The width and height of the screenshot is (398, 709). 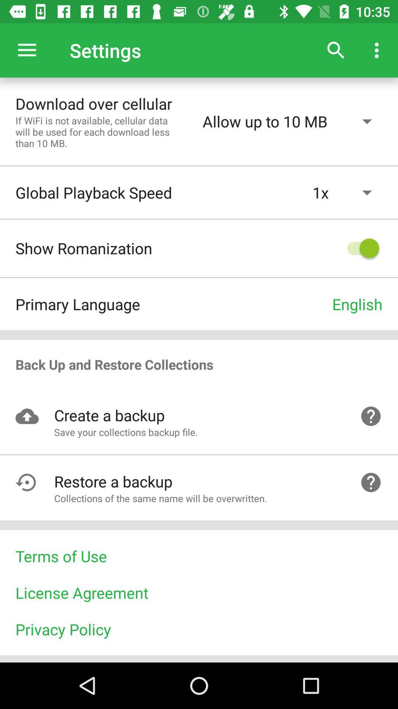 I want to click on the visibility icon, so click(x=27, y=416).